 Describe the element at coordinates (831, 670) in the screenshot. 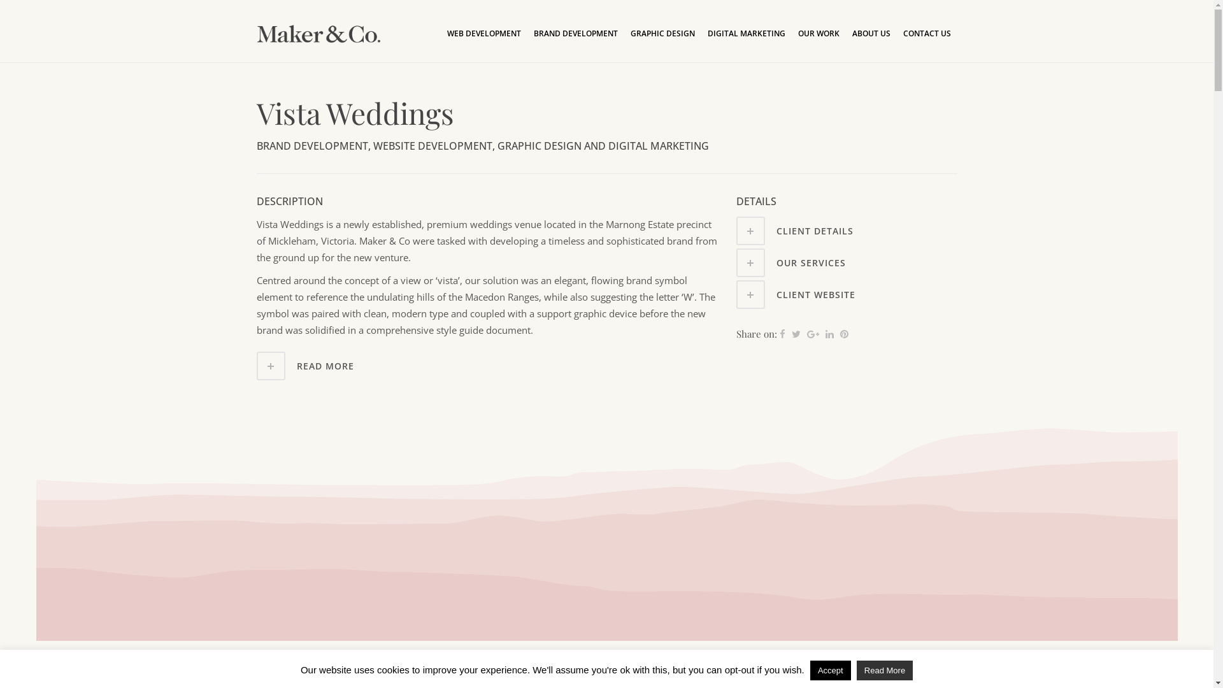

I see `'Accept'` at that location.